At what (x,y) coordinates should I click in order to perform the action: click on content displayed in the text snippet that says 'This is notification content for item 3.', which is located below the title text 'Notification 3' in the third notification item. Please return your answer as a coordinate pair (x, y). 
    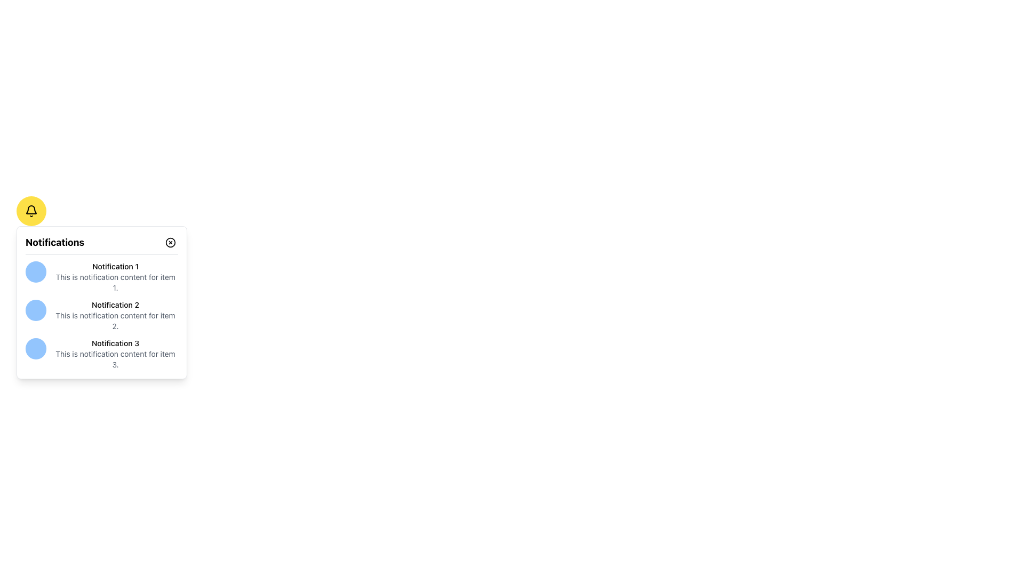
    Looking at the image, I should click on (115, 359).